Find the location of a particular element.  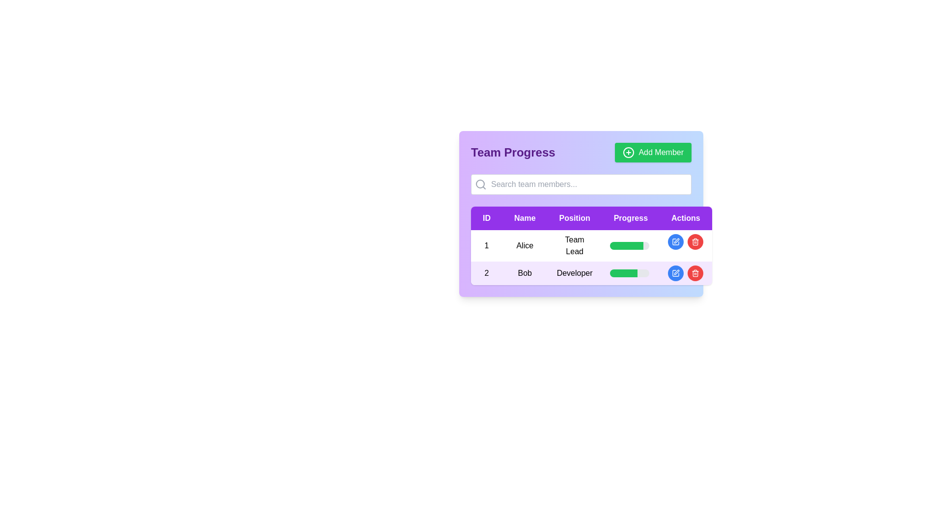

the trash can icon button located in the second row of the table under the 'Actions' column, which is situated to the right of a blue pencil edit icon within a circular red background is located at coordinates (695, 242).